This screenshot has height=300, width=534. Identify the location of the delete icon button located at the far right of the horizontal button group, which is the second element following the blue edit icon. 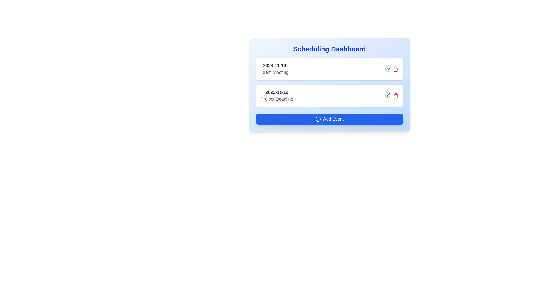
(395, 69).